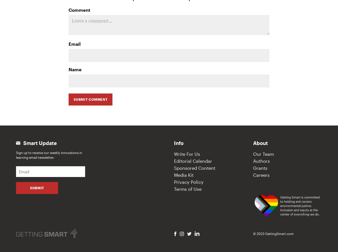 This screenshot has width=338, height=252. What do you see at coordinates (75, 69) in the screenshot?
I see `'Name'` at bounding box center [75, 69].